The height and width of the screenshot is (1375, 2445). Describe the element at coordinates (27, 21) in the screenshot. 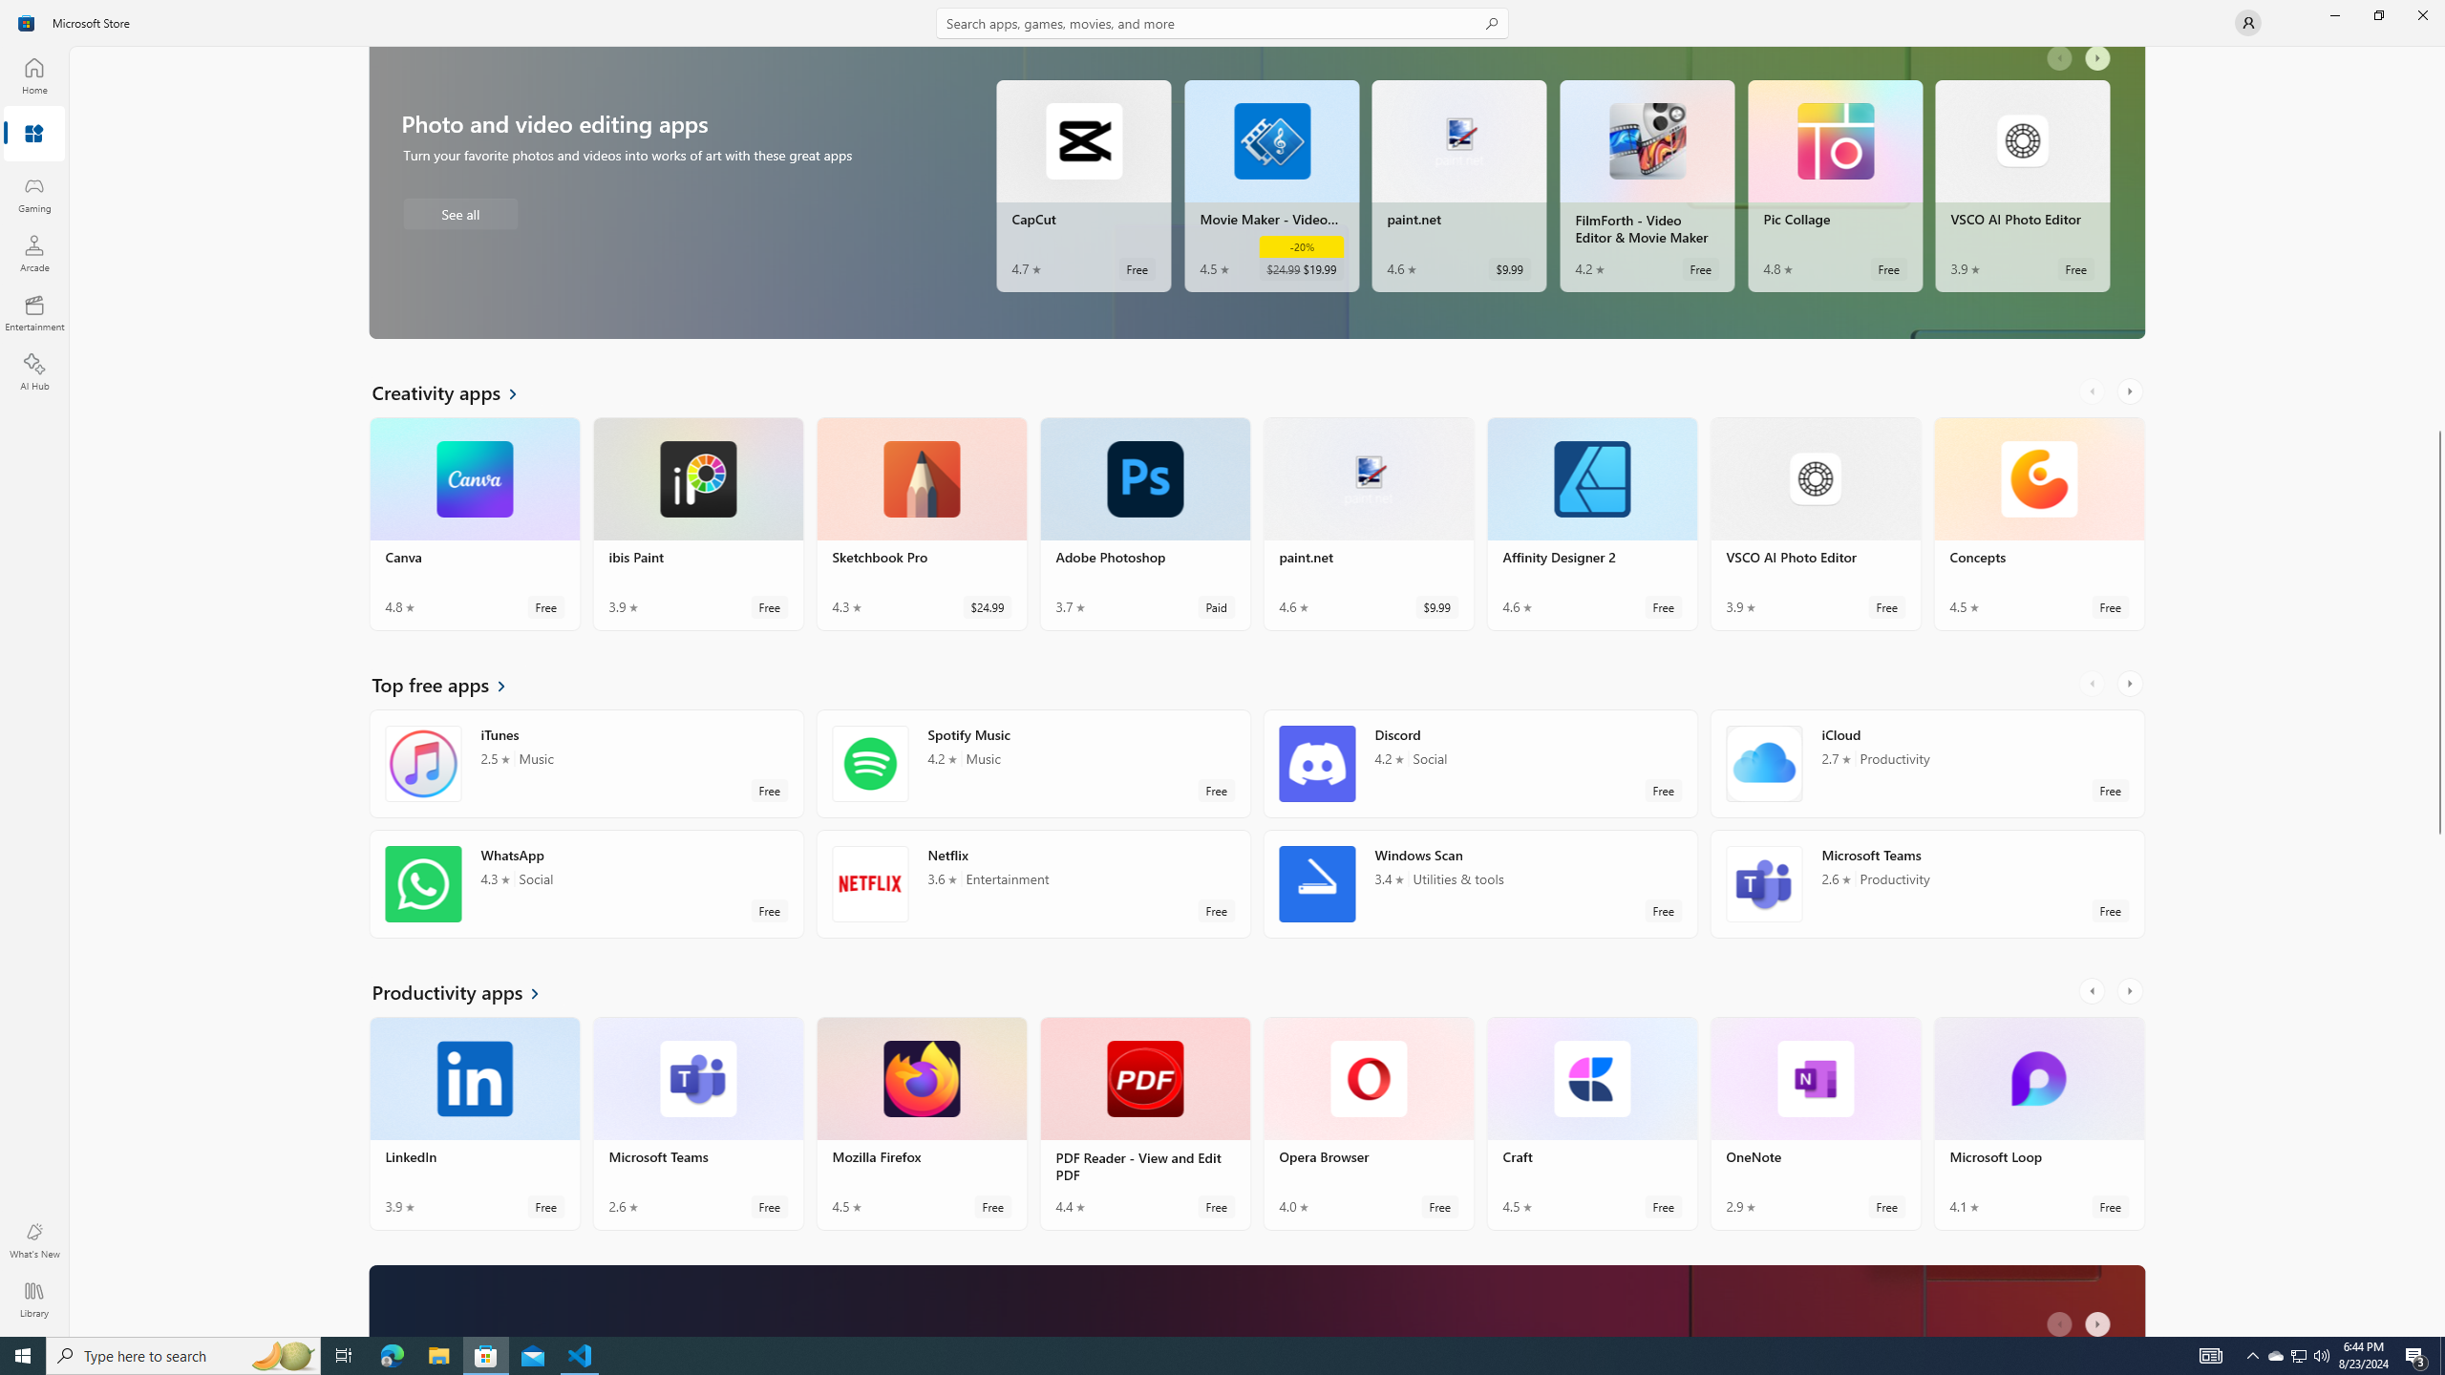

I see `'Class: Image'` at that location.